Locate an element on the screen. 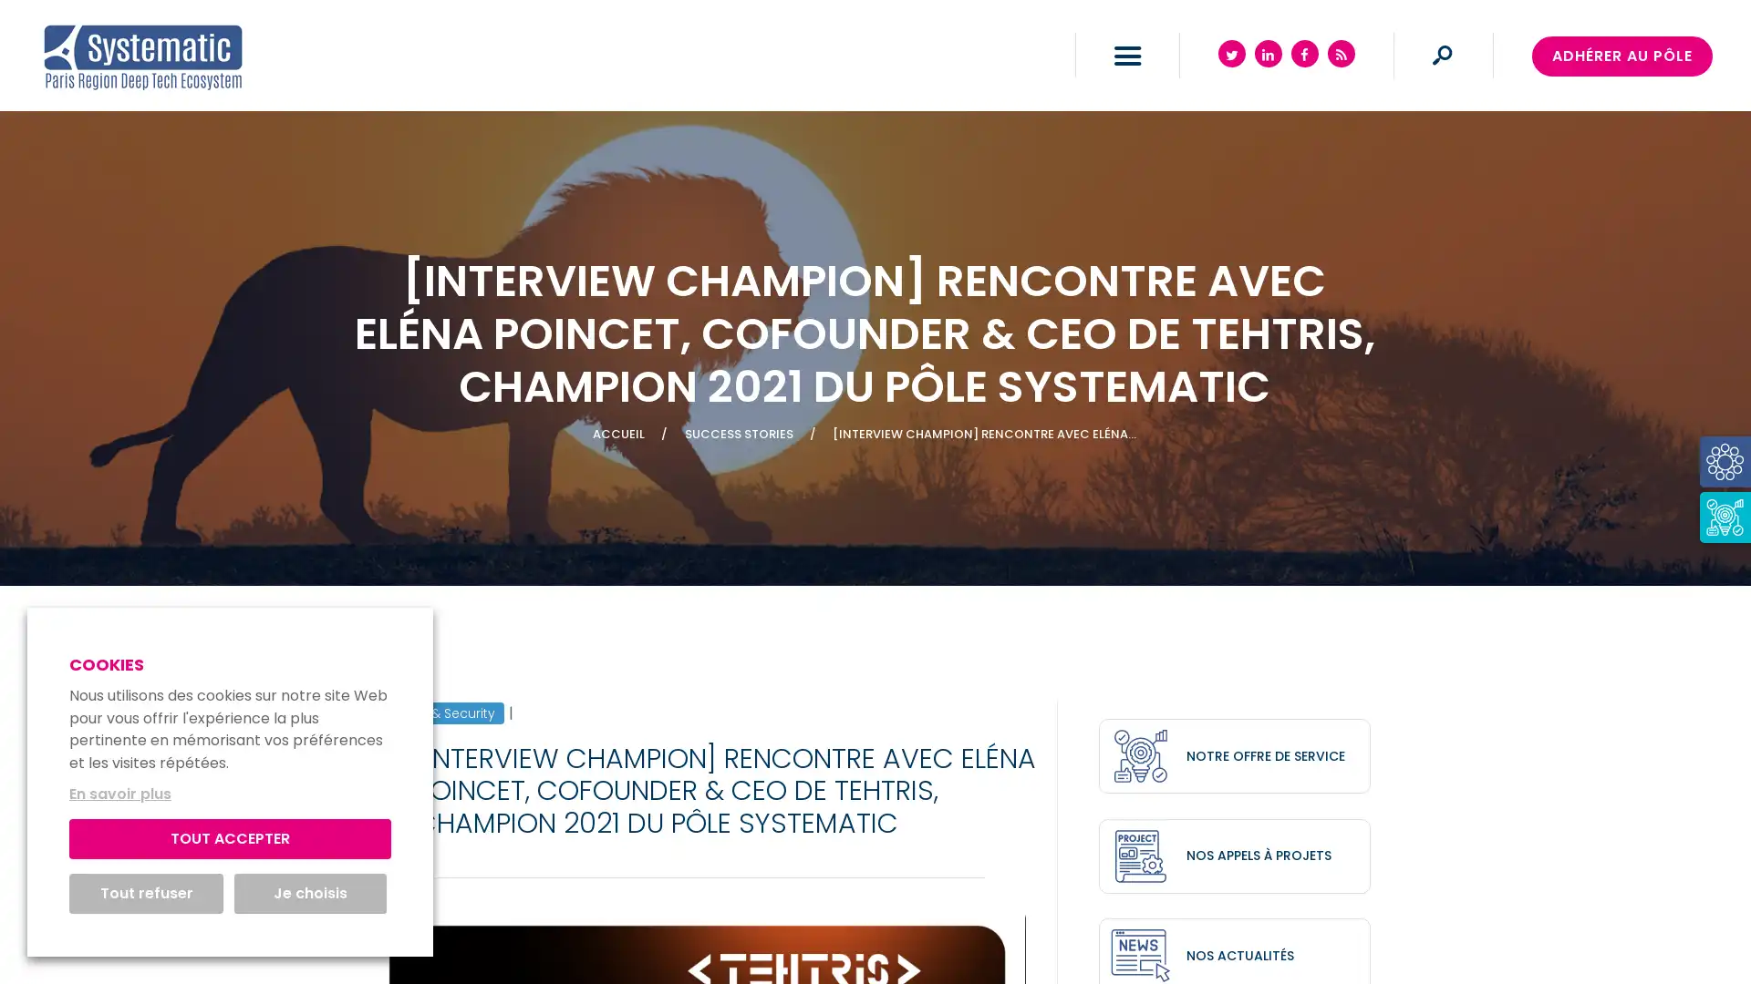  TOUT ACCEPTER is located at coordinates (229, 839).